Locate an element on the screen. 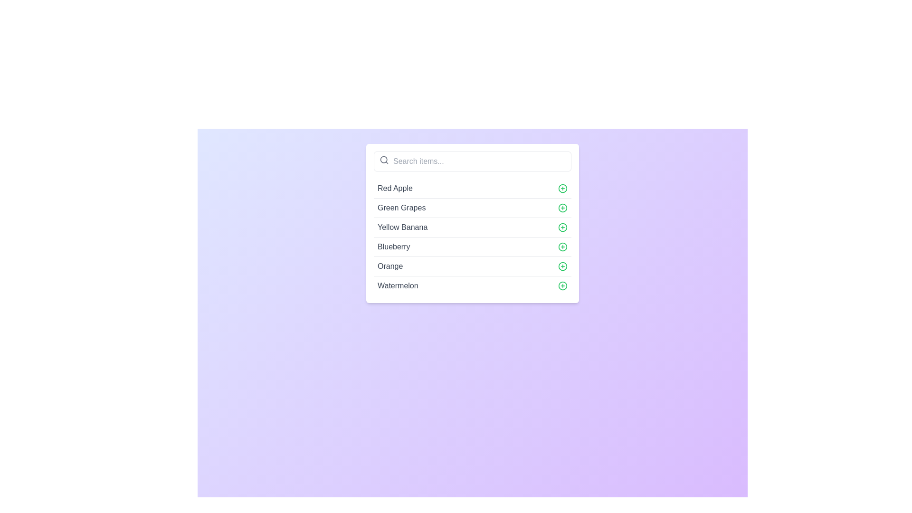  the button or icon representing the action to add 'Yellow Banana' to a collection is located at coordinates (563, 227).